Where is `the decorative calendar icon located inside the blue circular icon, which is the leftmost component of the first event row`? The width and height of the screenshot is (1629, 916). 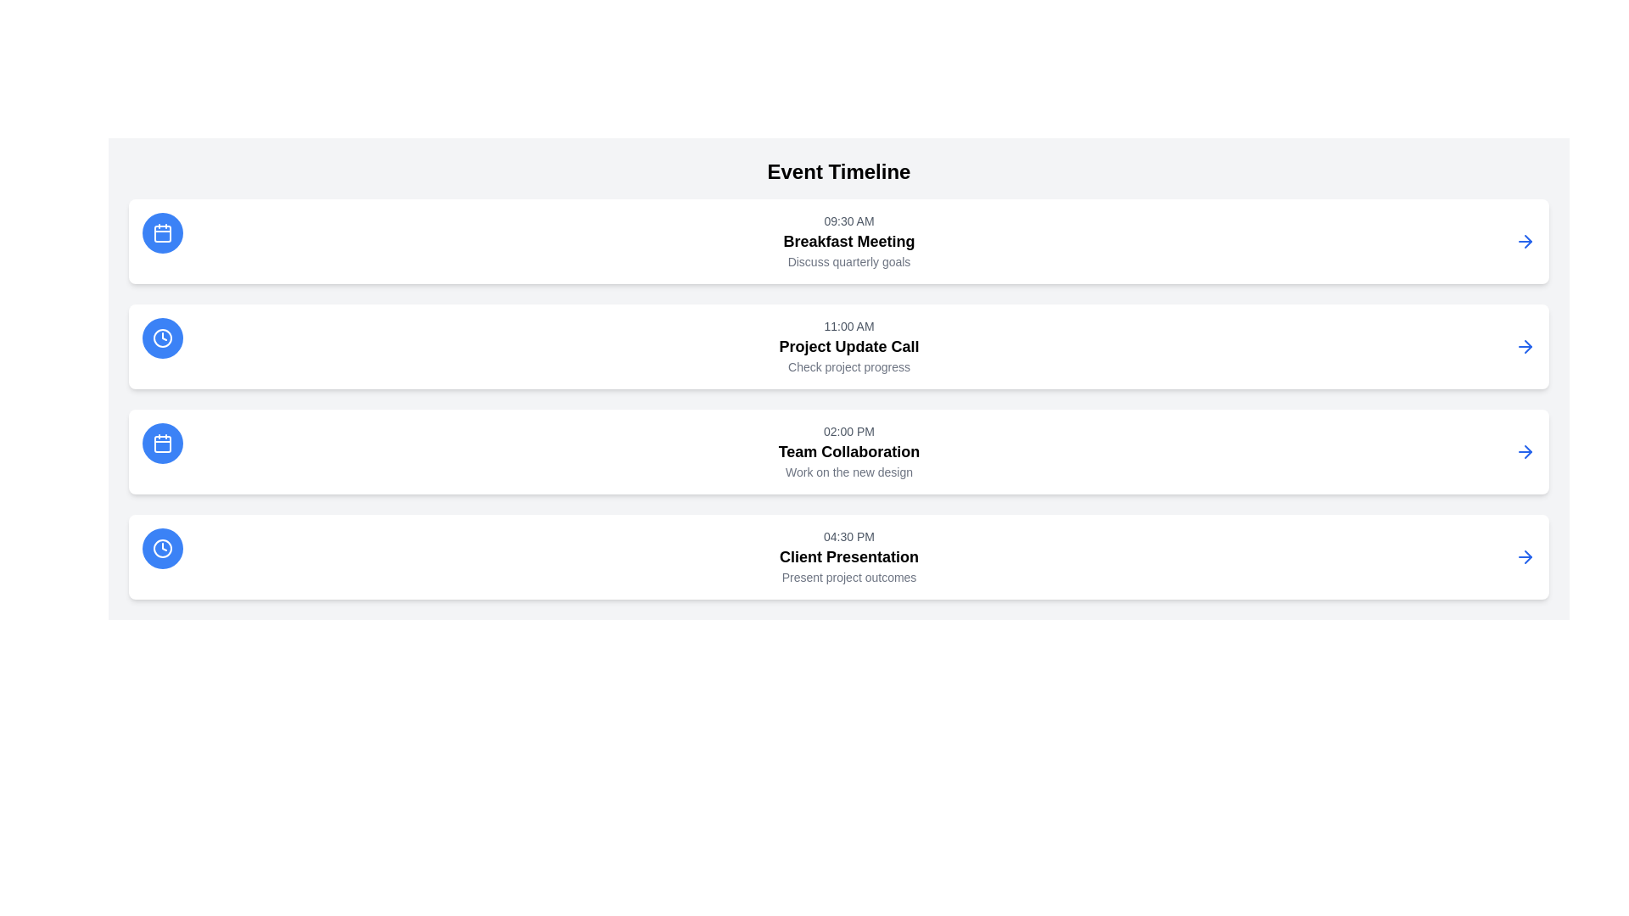 the decorative calendar icon located inside the blue circular icon, which is the leftmost component of the first event row is located at coordinates (163, 234).